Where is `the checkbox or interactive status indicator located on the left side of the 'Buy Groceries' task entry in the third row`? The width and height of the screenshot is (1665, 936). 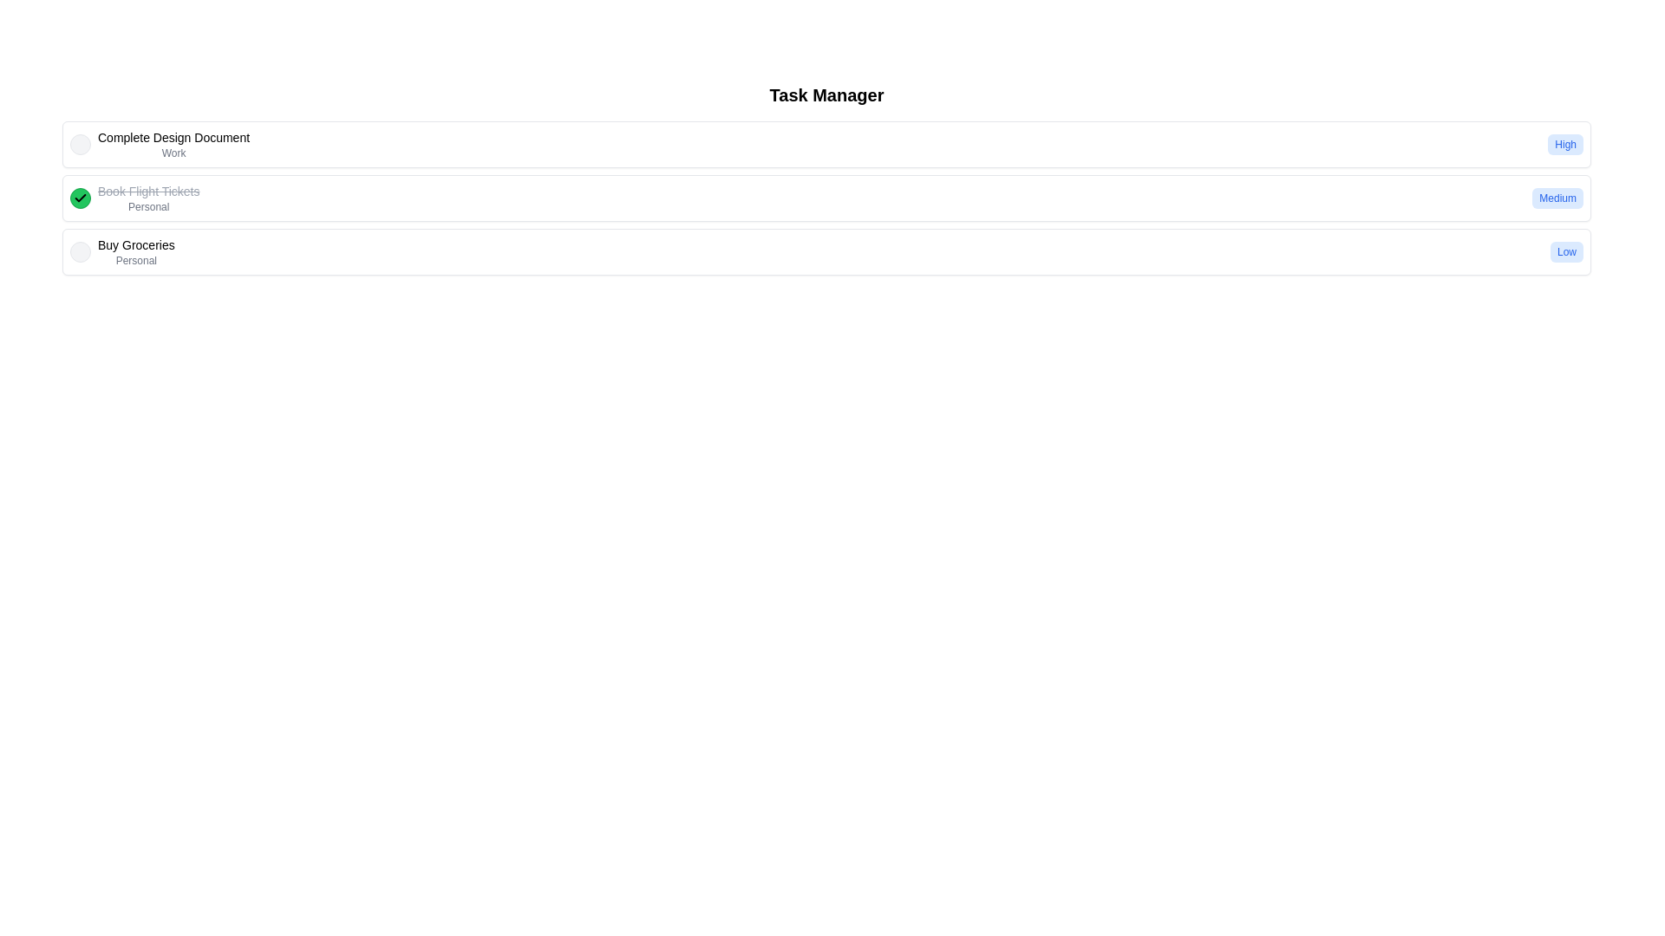
the checkbox or interactive status indicator located on the left side of the 'Buy Groceries' task entry in the third row is located at coordinates (79, 251).